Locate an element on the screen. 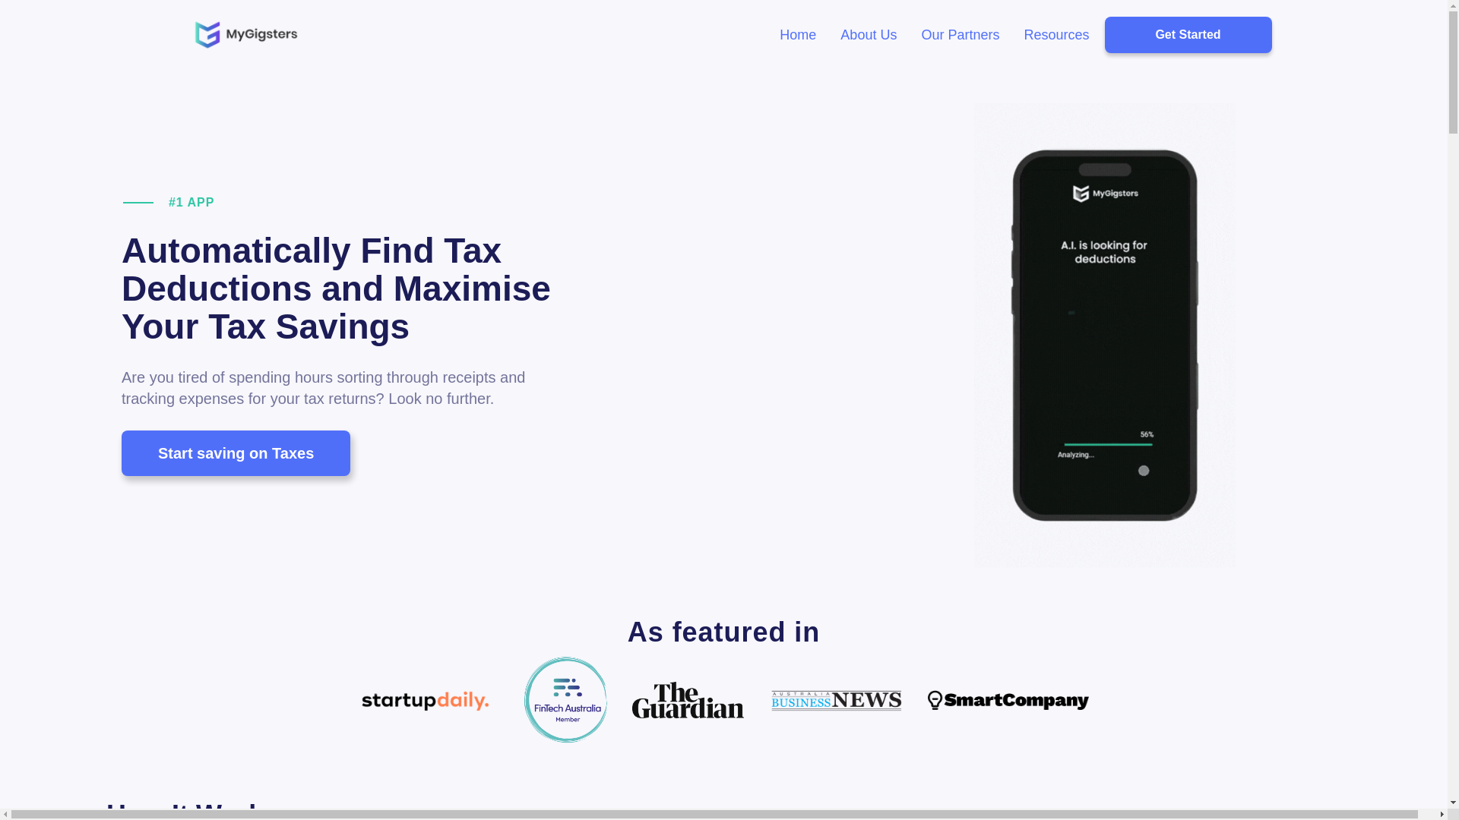 The height and width of the screenshot is (820, 1459). 'Our Partners' is located at coordinates (959, 34).